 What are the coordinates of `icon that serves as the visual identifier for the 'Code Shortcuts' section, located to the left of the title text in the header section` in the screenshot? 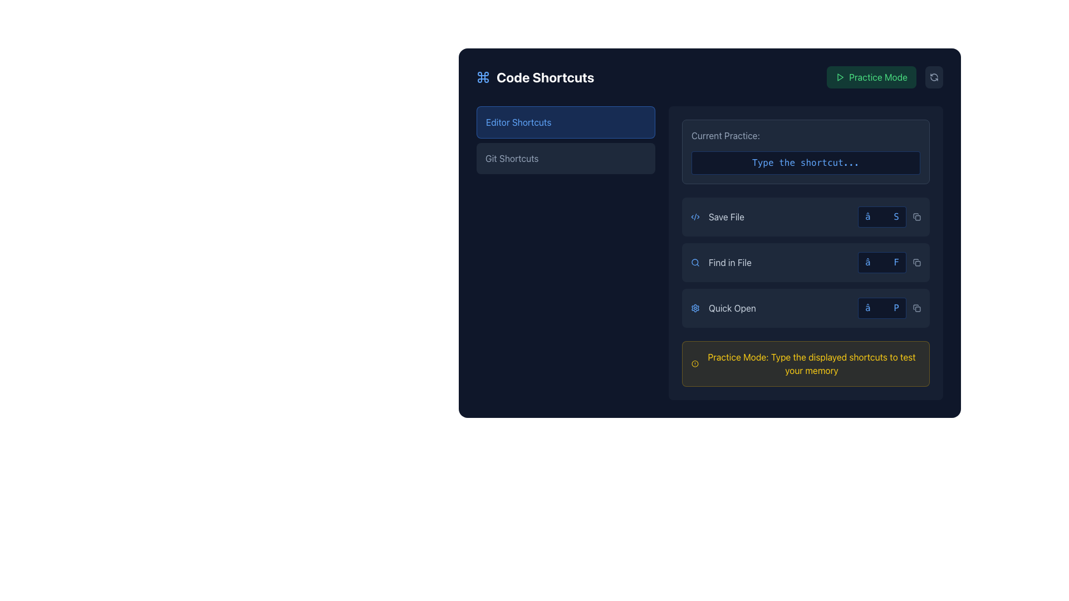 It's located at (483, 76).